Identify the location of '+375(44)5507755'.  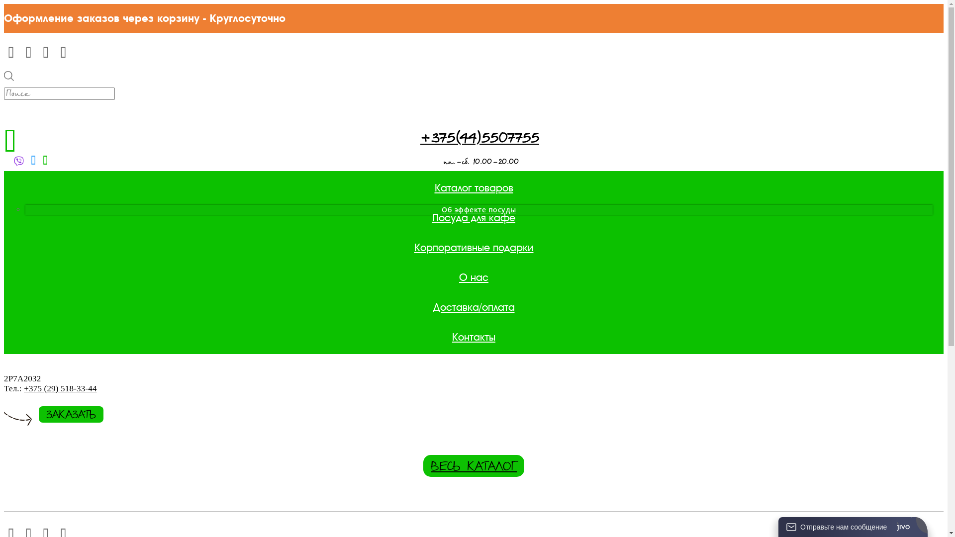
(479, 139).